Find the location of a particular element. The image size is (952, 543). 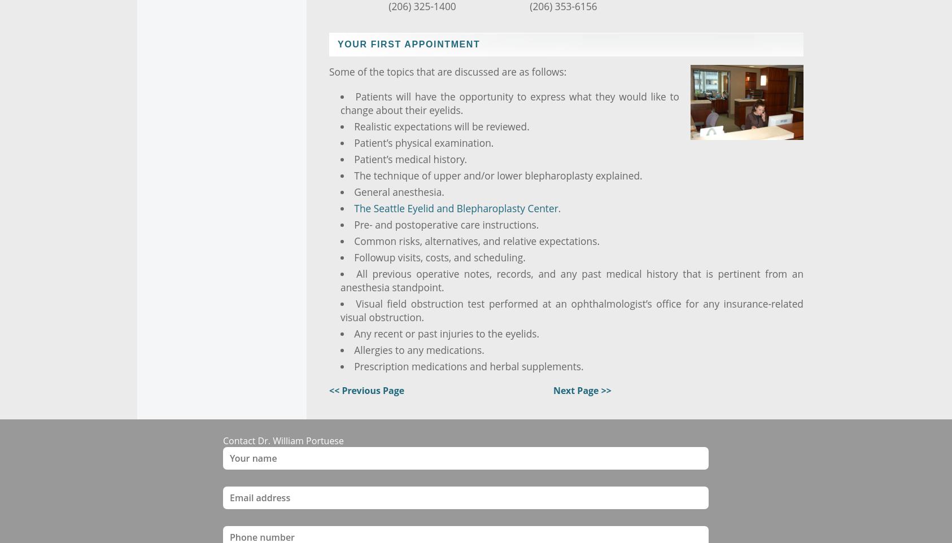

'Patient’s physical examination.' is located at coordinates (423, 142).